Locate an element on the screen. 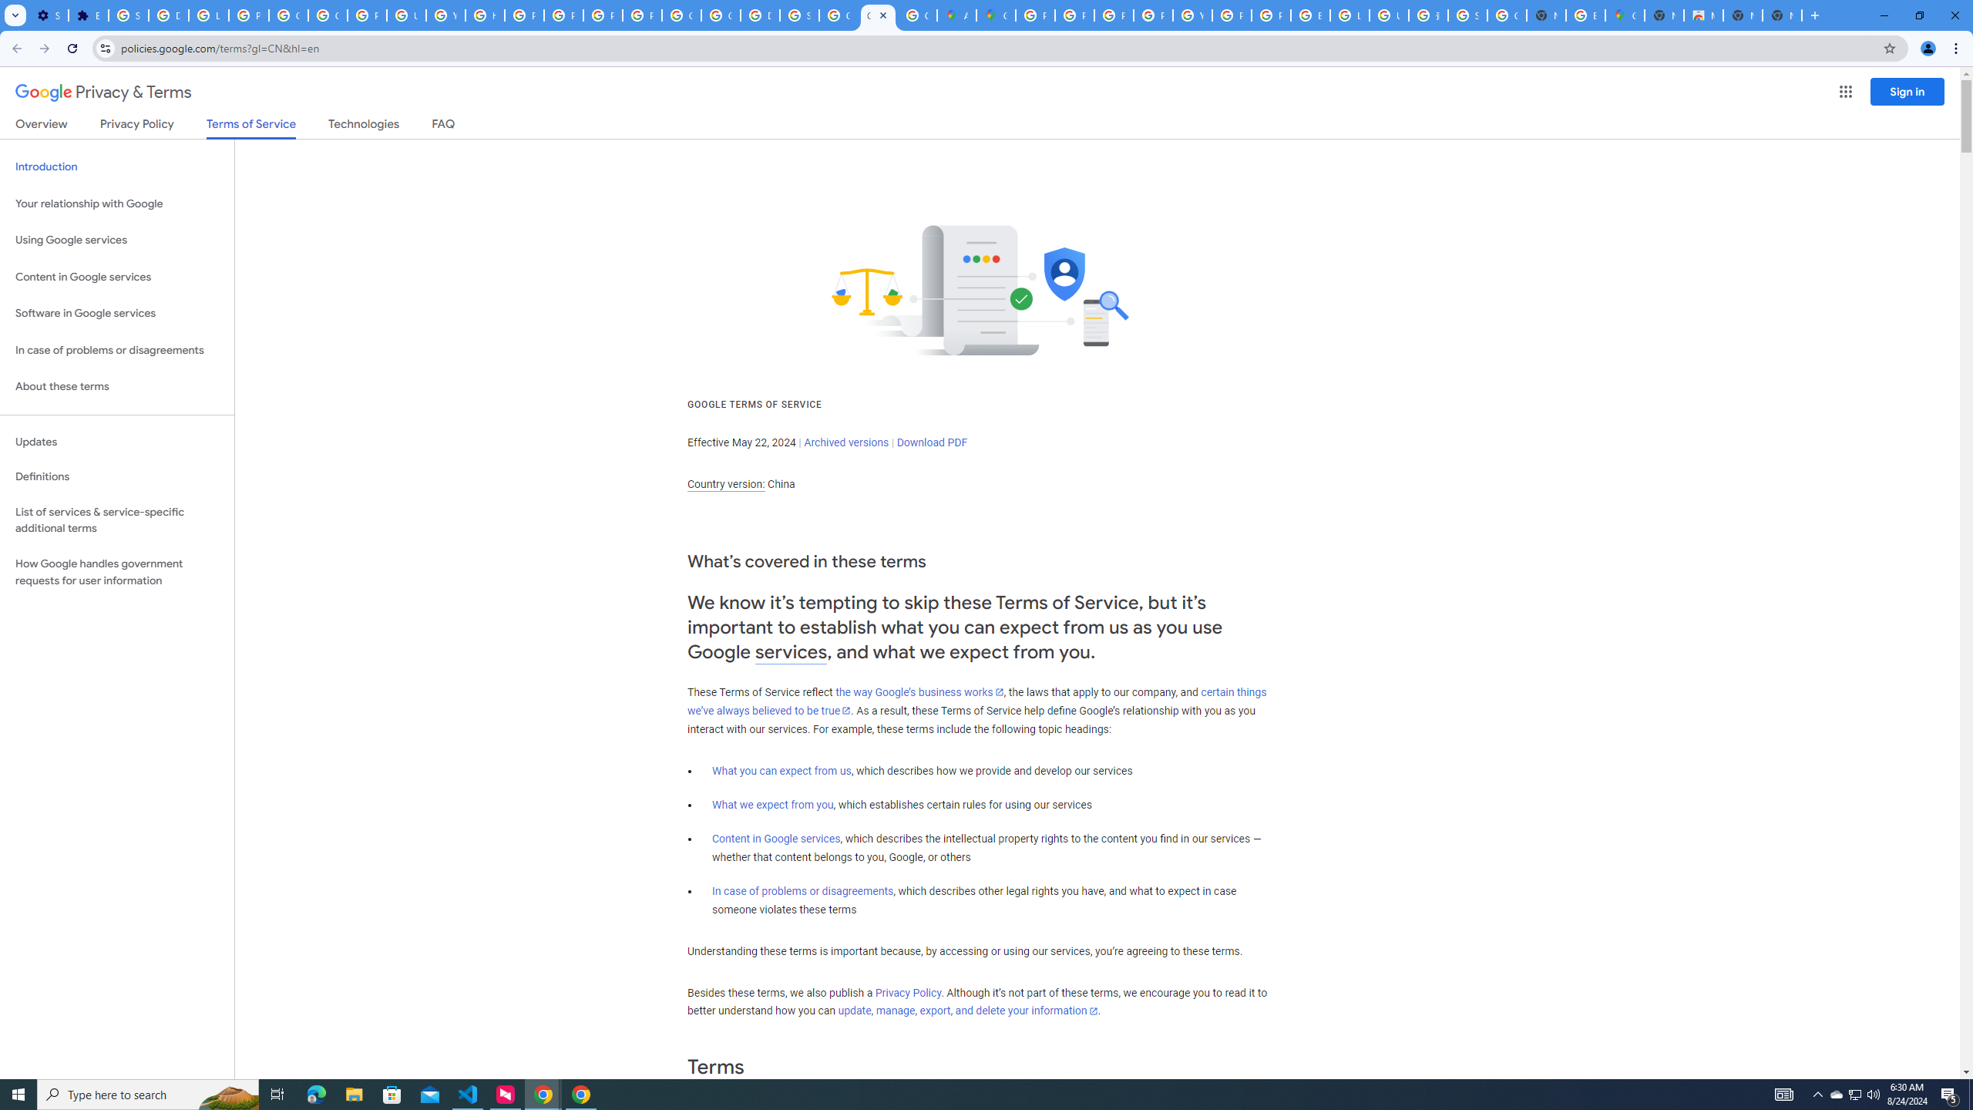  'Privacy Help Center - Policies Help' is located at coordinates (523, 15).